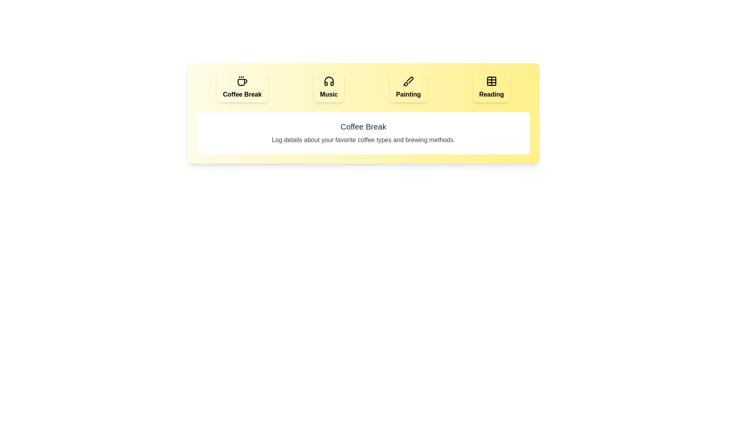 This screenshot has width=754, height=424. I want to click on the interactive button labeled 'Coffee Break', which is the first button in a row of buttons with a light yellow background and a coffee cup icon, so click(242, 88).